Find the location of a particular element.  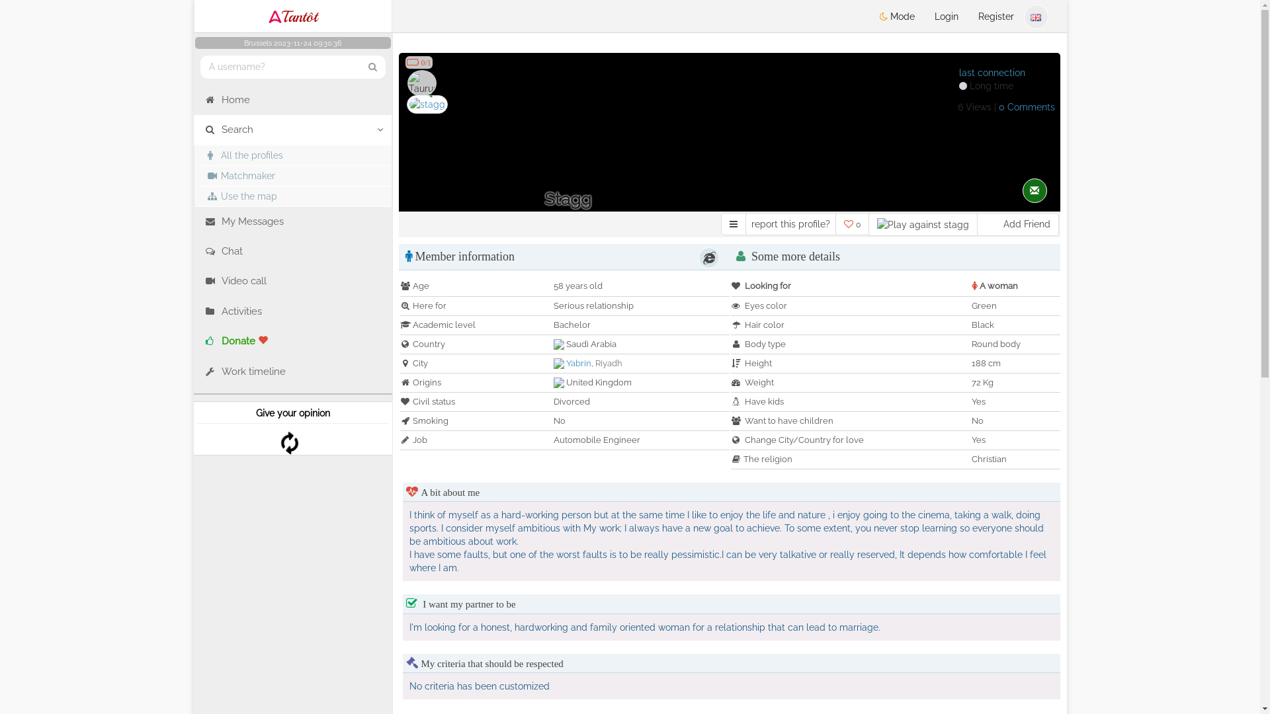

'Login' is located at coordinates (923, 16).